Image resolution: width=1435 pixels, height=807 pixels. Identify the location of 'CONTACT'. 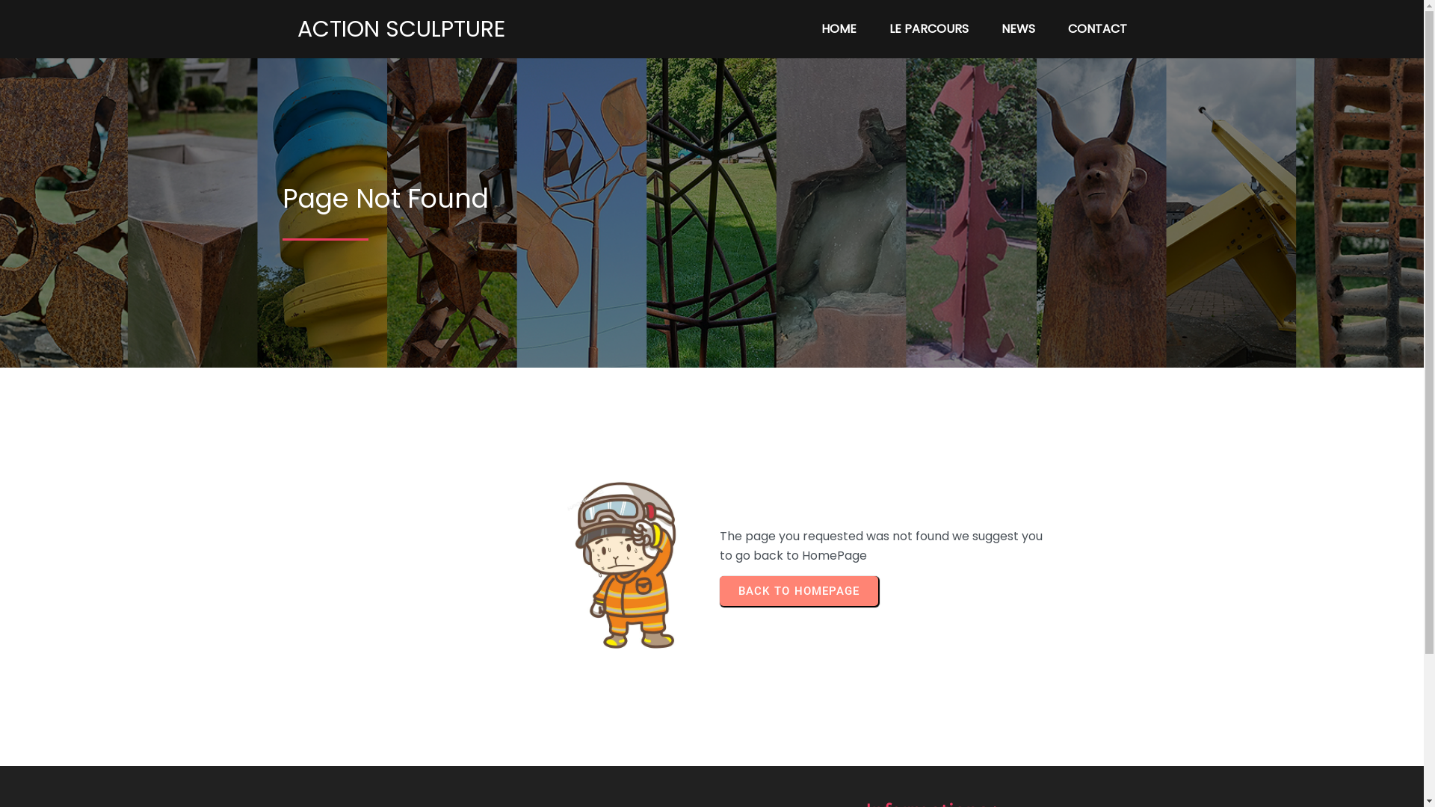
(1097, 28).